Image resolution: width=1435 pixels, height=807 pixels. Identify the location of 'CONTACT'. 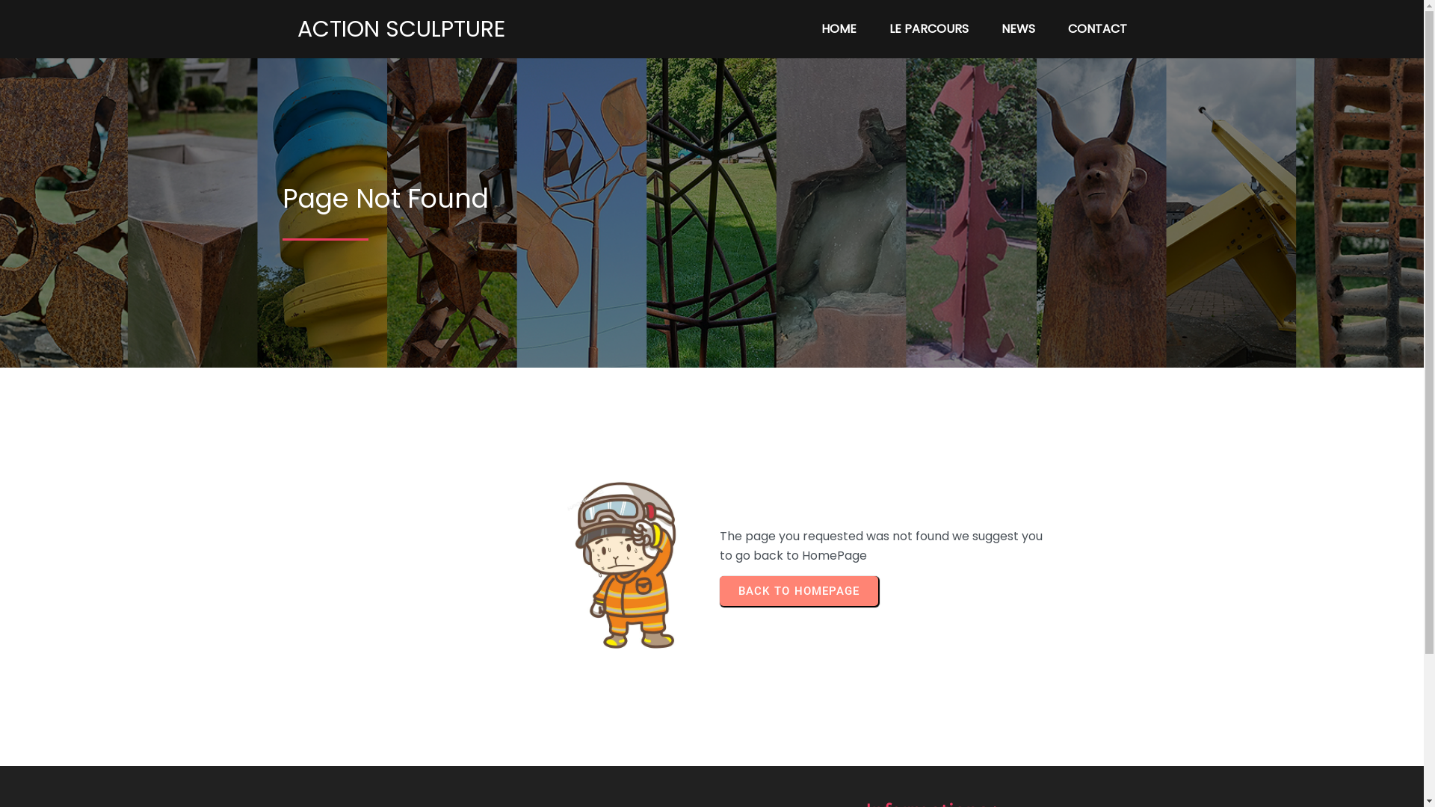
(1097, 28).